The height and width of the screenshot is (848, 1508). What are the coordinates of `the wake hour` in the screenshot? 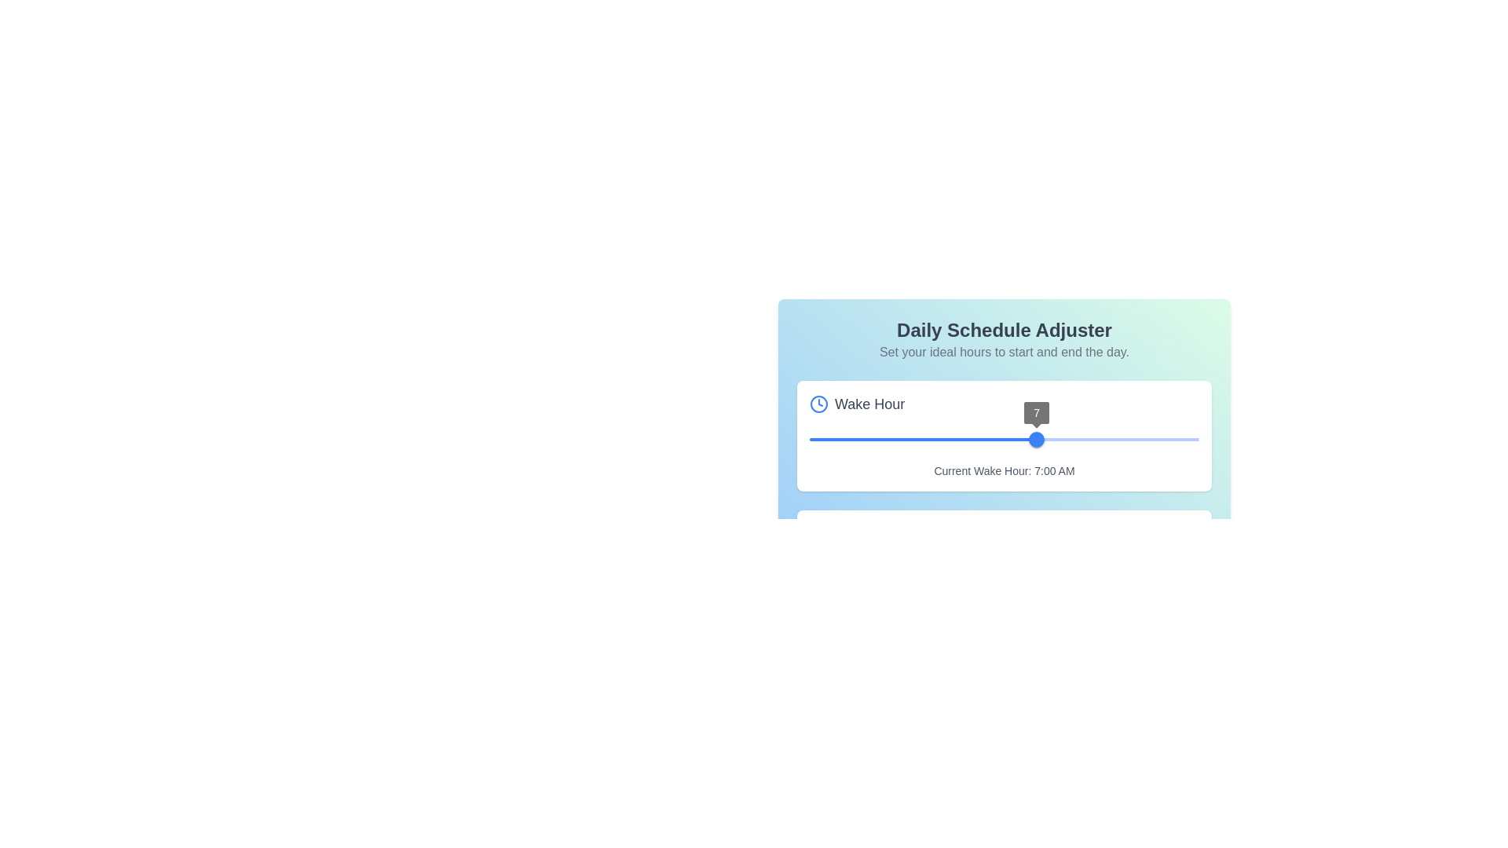 It's located at (1148, 439).